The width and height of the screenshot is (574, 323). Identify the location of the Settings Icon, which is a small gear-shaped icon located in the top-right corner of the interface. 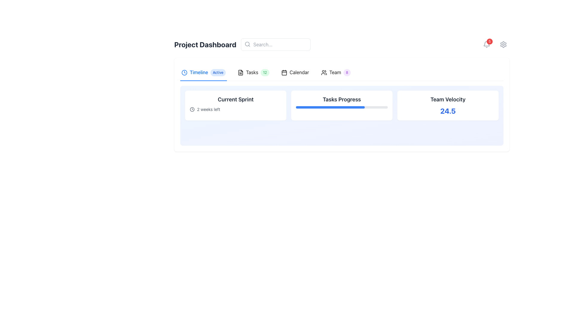
(503, 44).